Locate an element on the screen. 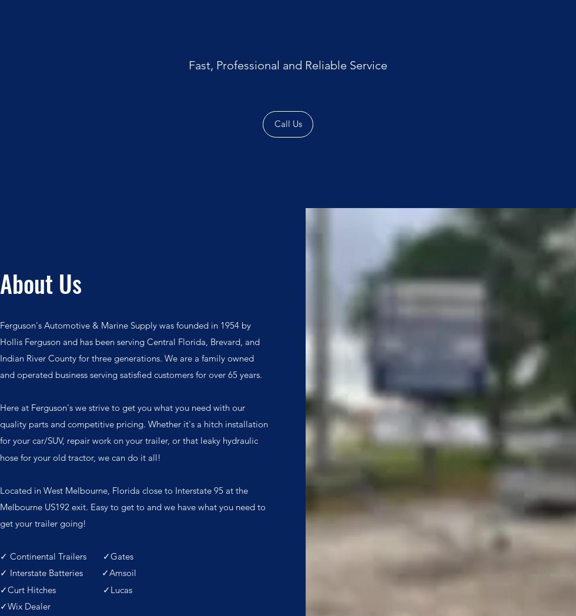  '✓ Interstate Batteries        ✓Amsoil' is located at coordinates (68, 572).